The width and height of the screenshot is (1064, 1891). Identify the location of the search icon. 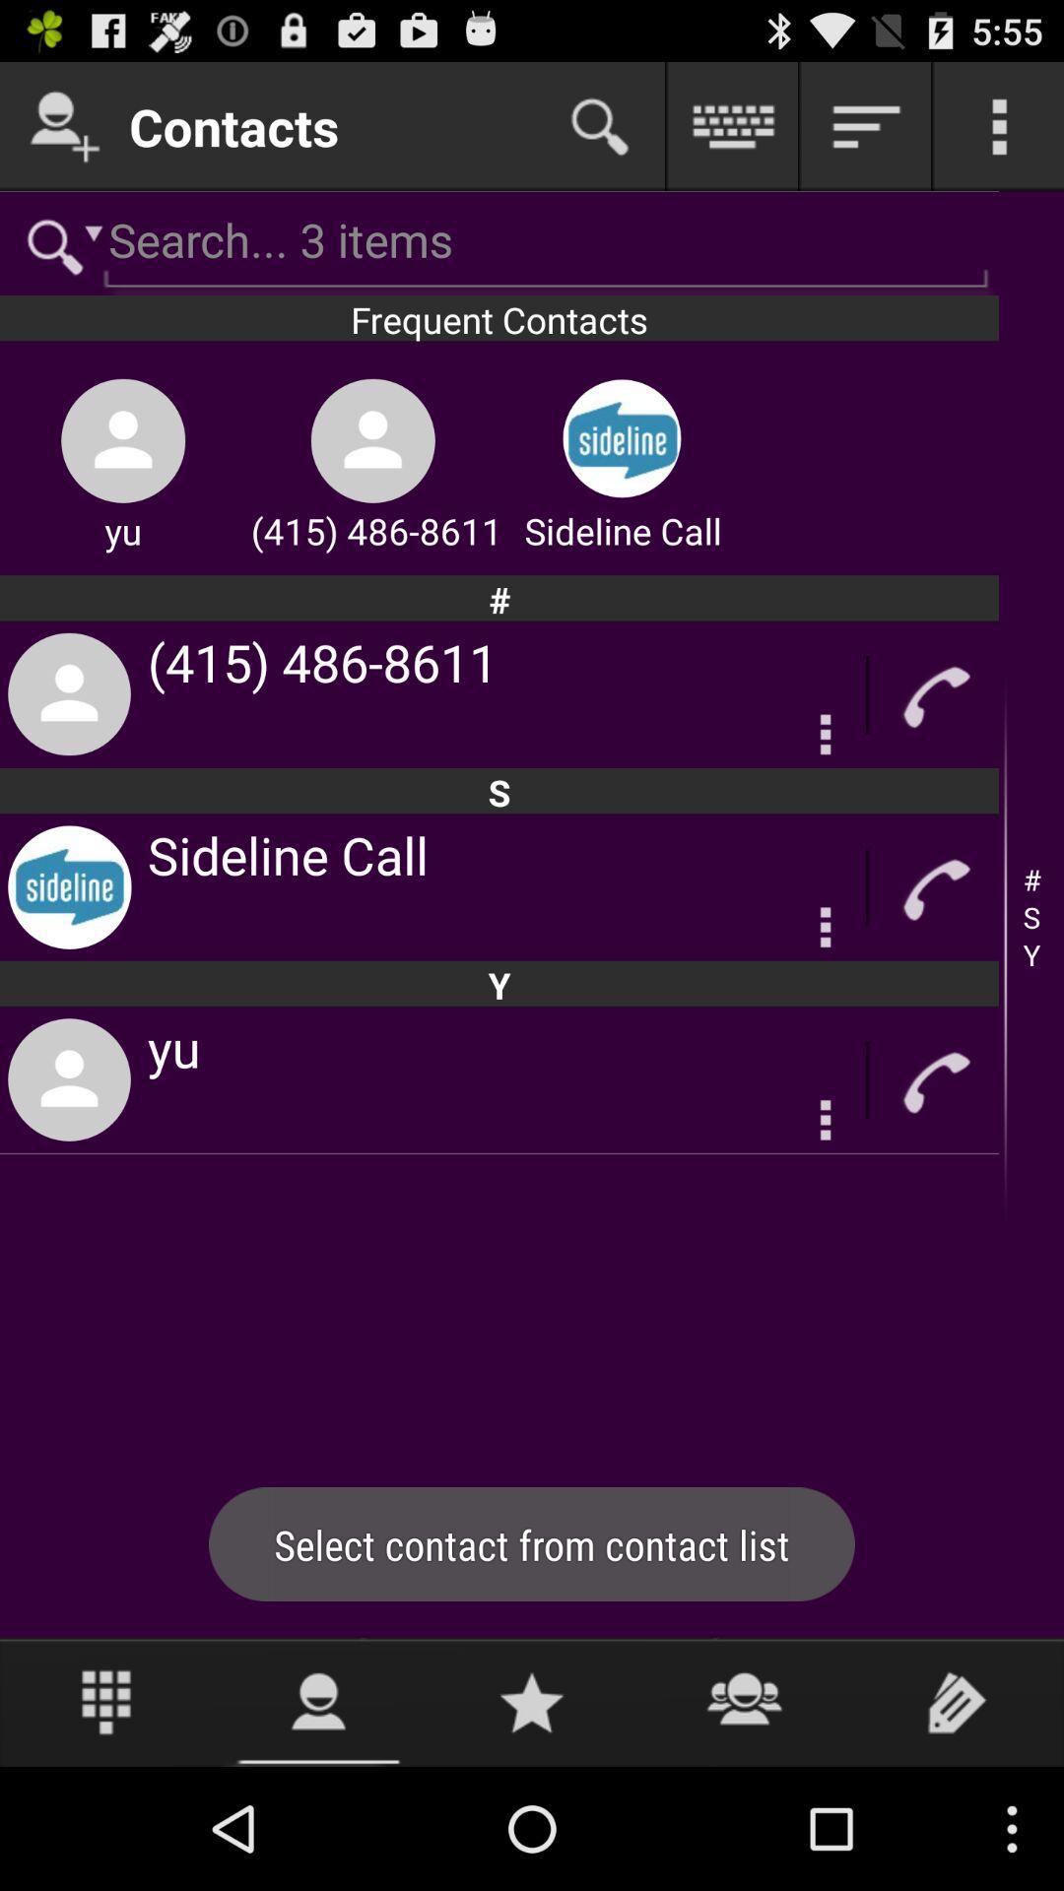
(599, 134).